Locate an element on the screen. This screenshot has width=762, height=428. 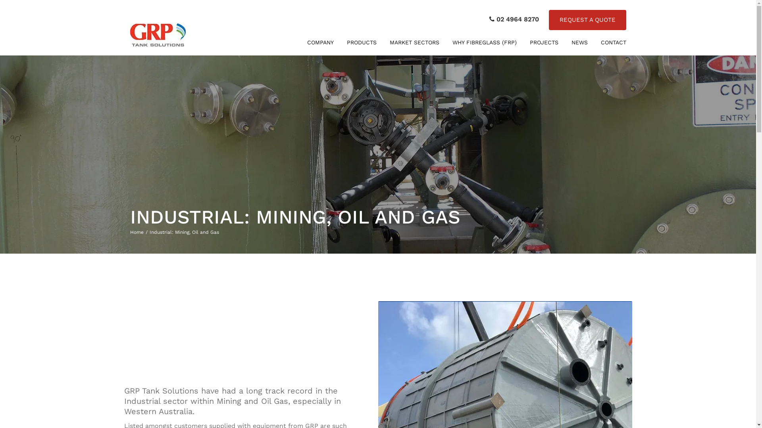
'WHY FIBREGLASS (FRP)' is located at coordinates (484, 42).